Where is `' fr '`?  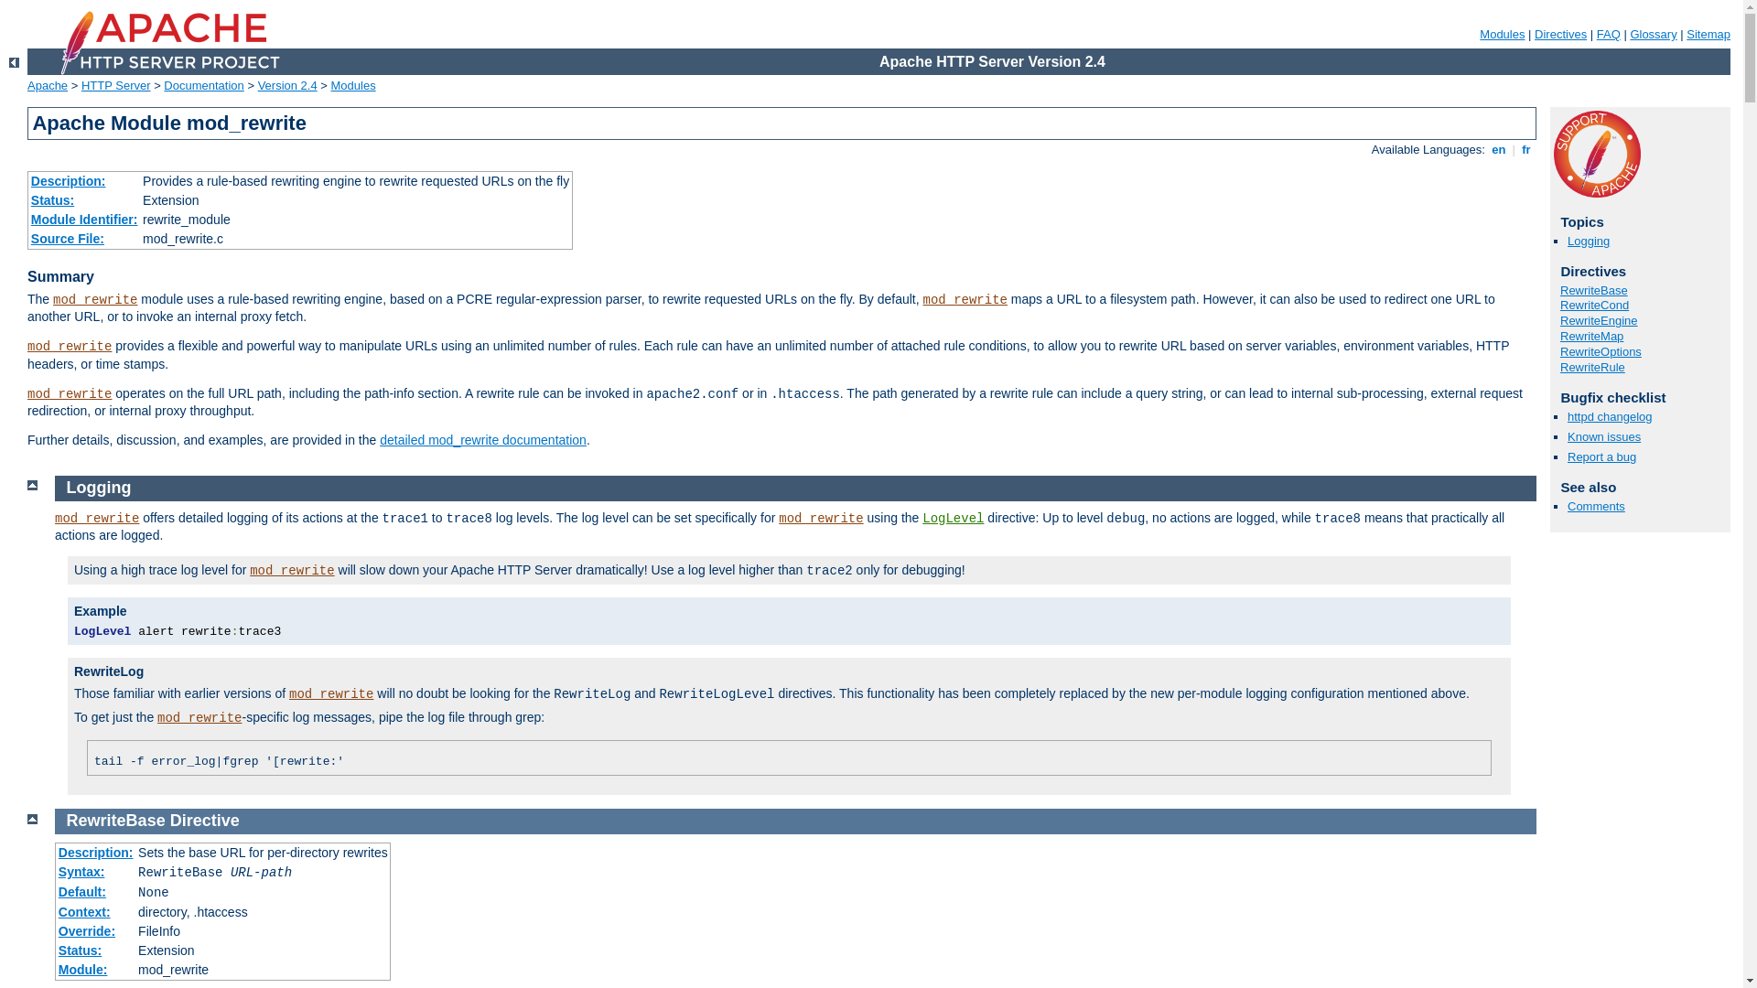
' fr ' is located at coordinates (1526, 148).